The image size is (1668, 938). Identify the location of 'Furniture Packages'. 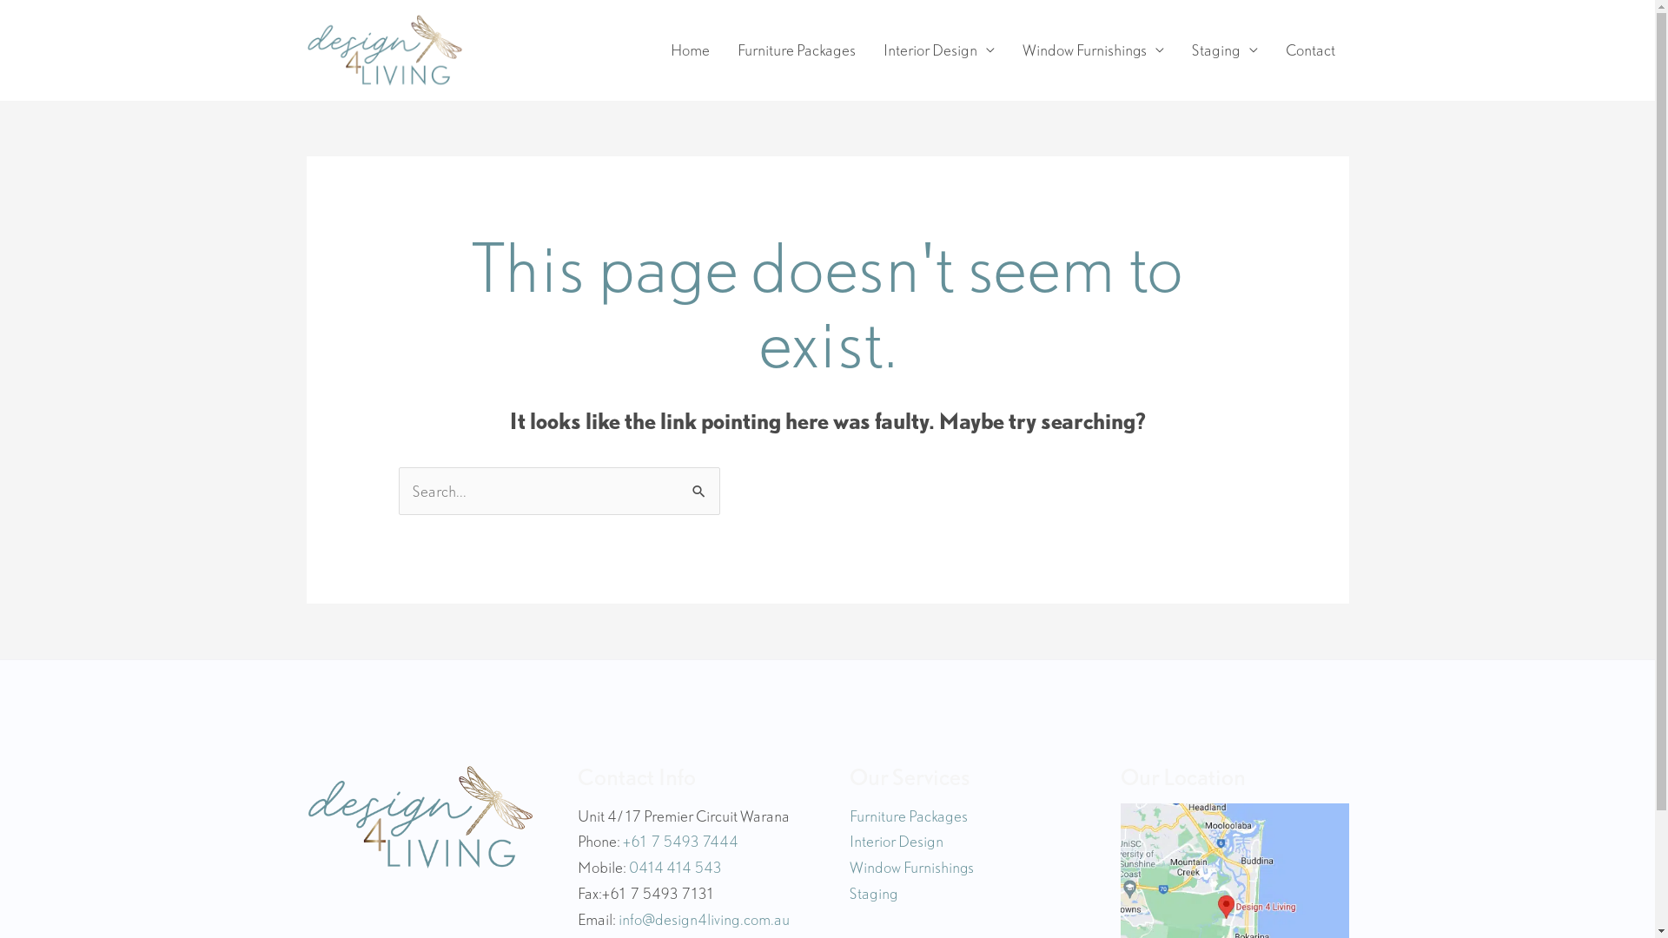
(795, 49).